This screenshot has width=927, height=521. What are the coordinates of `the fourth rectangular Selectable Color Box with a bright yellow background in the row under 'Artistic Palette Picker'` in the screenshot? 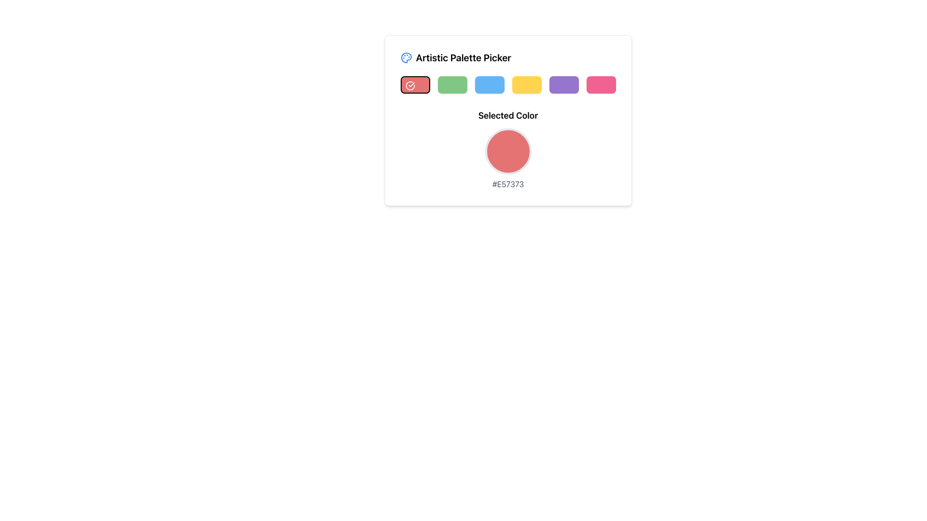 It's located at (526, 84).